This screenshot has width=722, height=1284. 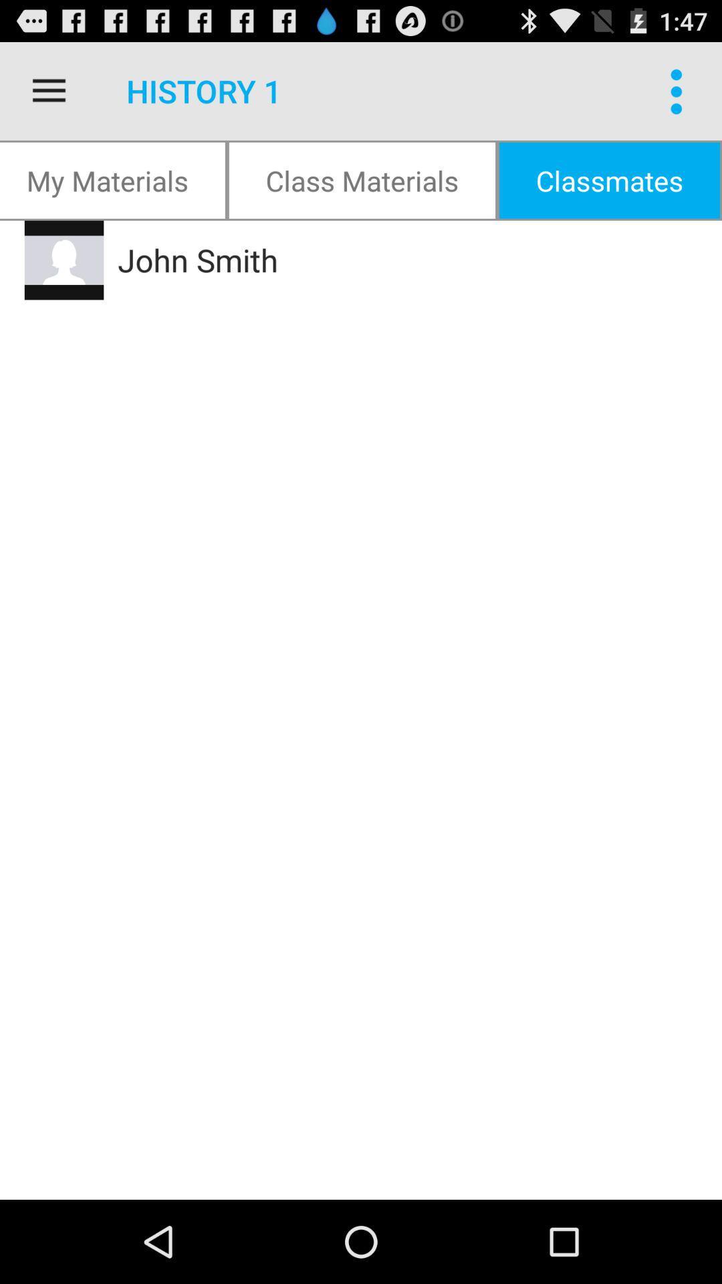 I want to click on the item above the my materials, so click(x=48, y=90).